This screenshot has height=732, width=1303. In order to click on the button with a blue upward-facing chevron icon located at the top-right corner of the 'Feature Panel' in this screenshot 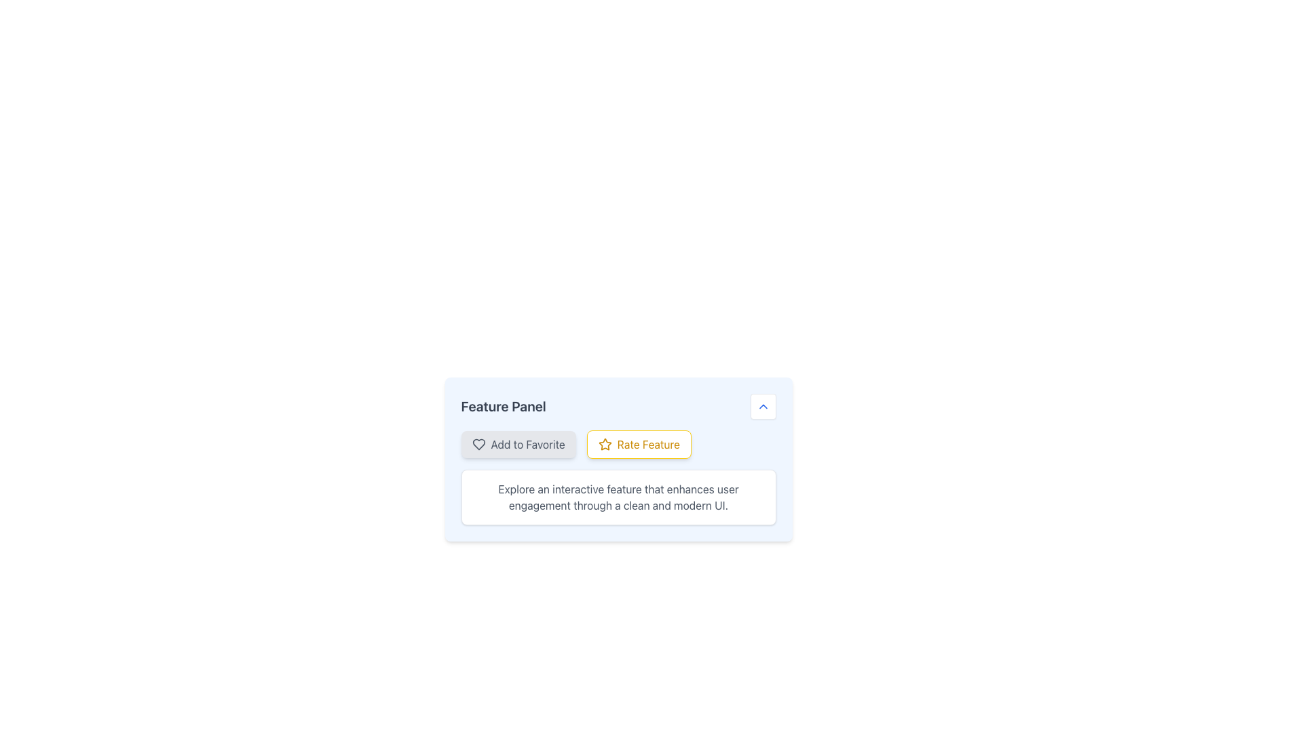, I will do `click(763, 406)`.